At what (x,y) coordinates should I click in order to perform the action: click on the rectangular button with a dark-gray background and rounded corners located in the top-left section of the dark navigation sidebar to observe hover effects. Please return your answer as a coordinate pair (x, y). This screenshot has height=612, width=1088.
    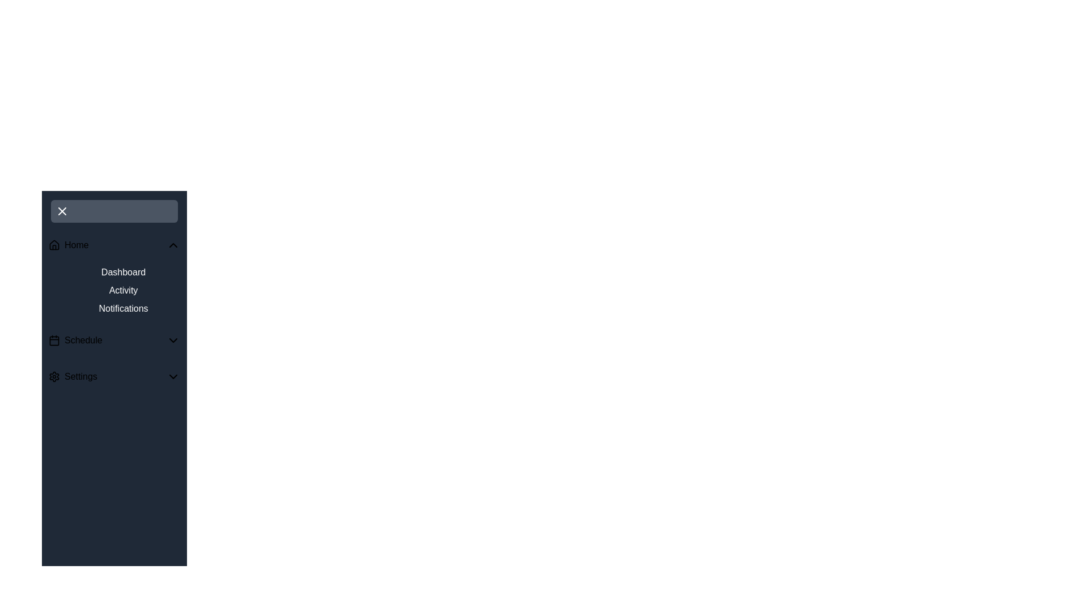
    Looking at the image, I should click on (114, 211).